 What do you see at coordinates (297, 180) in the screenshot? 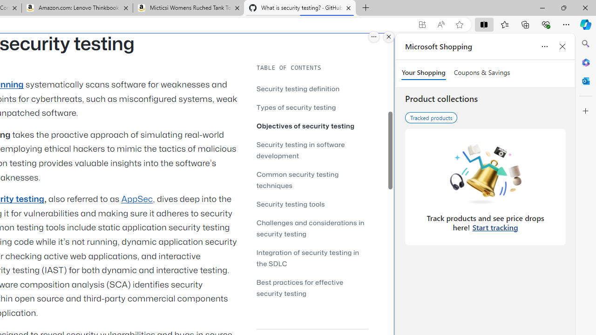
I see `'Common security testing techniques'` at bounding box center [297, 180].